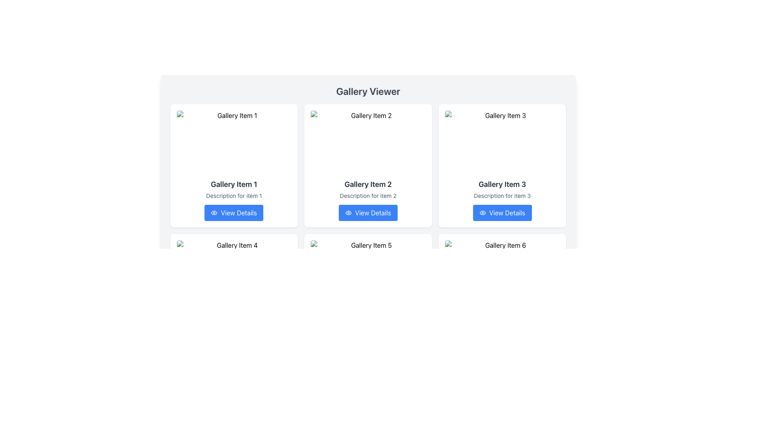 The height and width of the screenshot is (438, 779). I want to click on the text label displaying 'Description for item 3', which is located beneath the 'Gallery Item 3' heading and above the 'View Details' button in the third card of the grid layout, so click(502, 195).